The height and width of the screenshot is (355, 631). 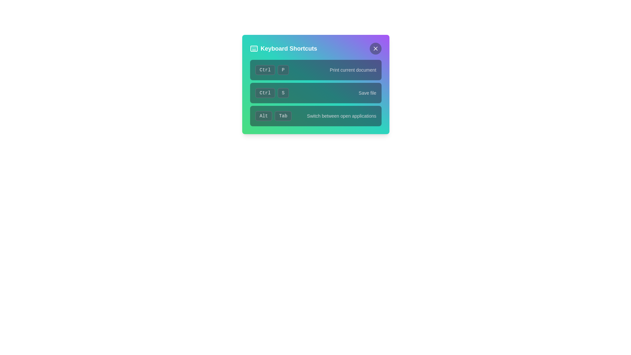 What do you see at coordinates (253, 48) in the screenshot?
I see `the decorative rectangle within the SVG of the keyboard icon located at the top-left corner of the 'Keyboard Shortcuts' modal dialog` at bounding box center [253, 48].